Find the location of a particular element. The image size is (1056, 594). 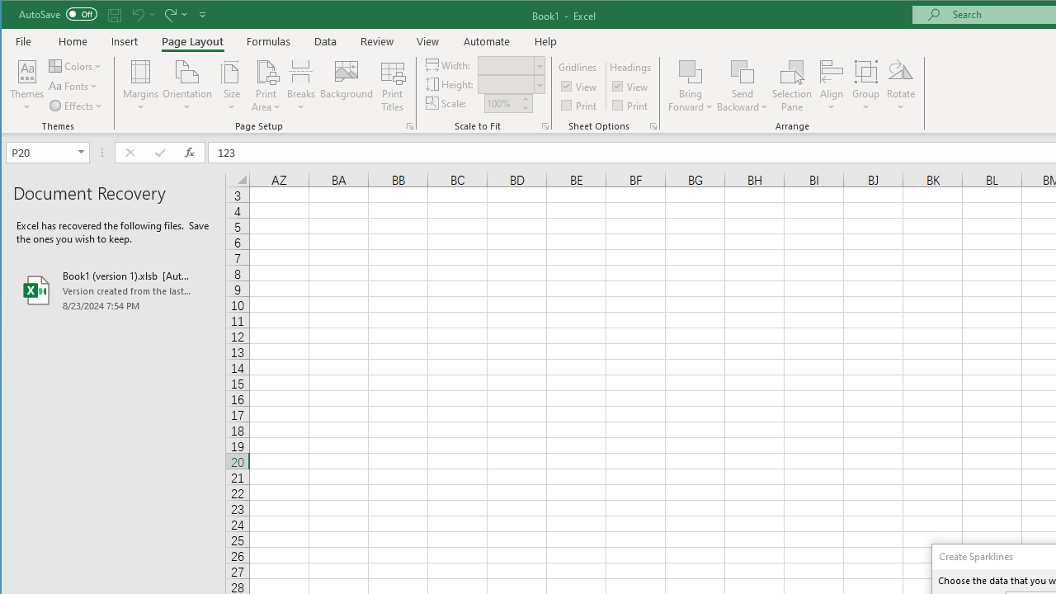

'Background...' is located at coordinates (346, 86).